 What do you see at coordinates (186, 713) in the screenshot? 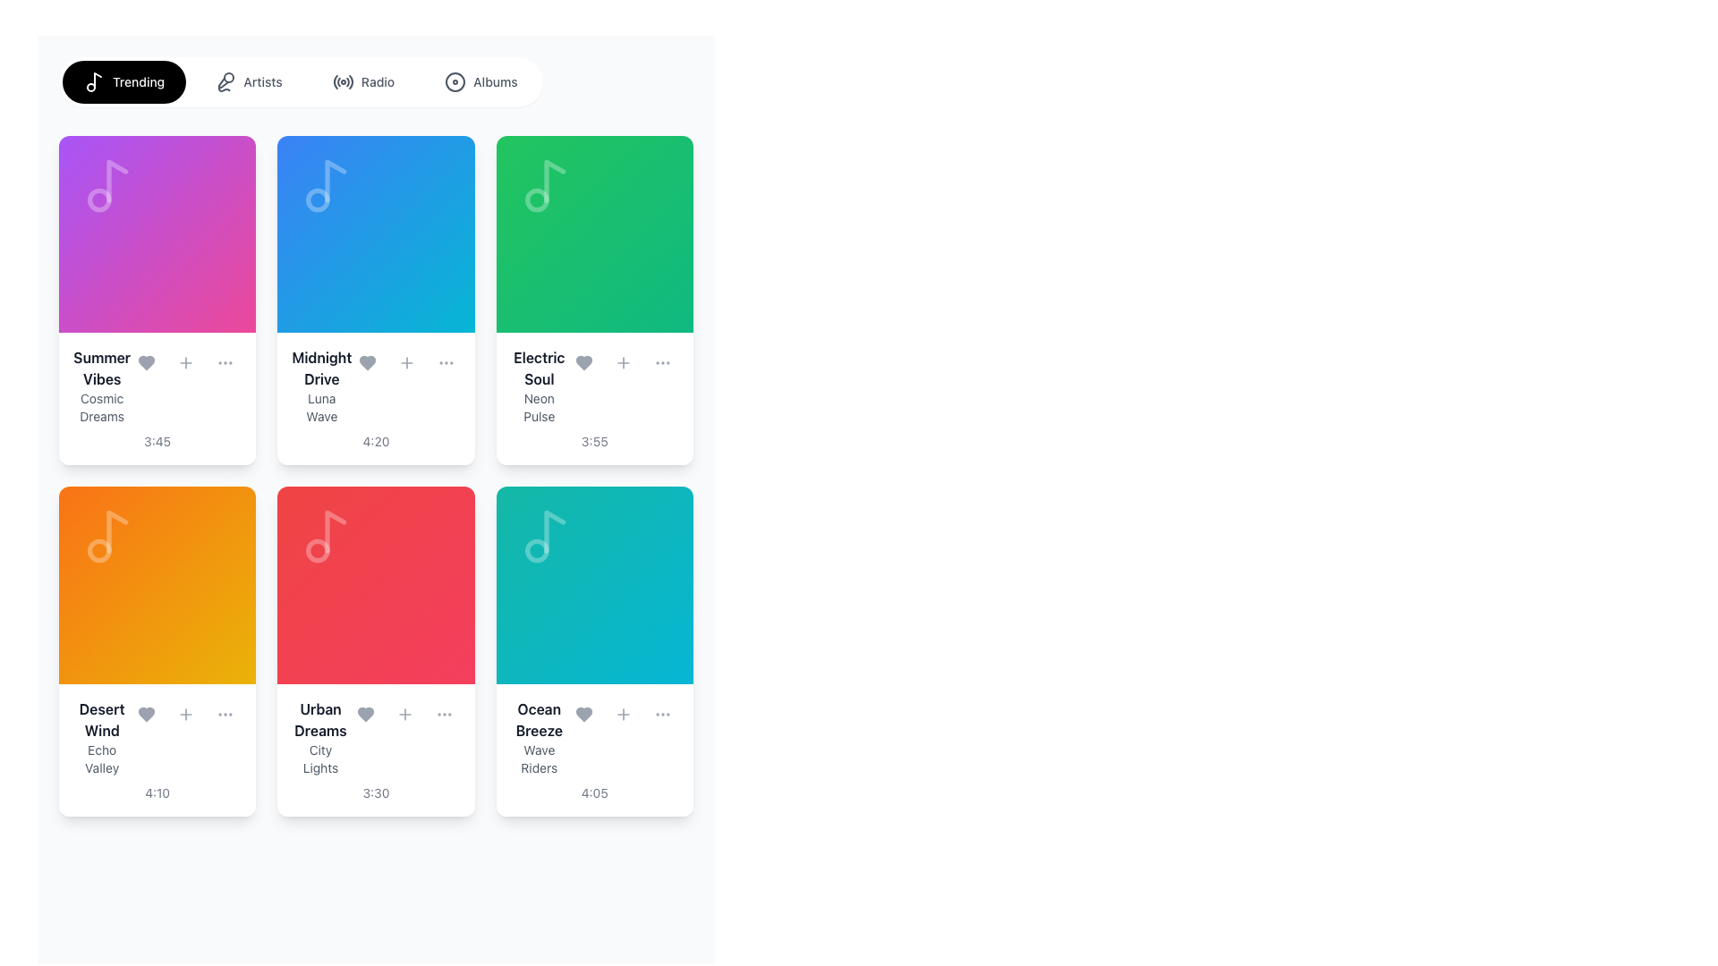
I see `the interactive button with a '+' symbol located below the song title 'Desert Wind'` at bounding box center [186, 713].